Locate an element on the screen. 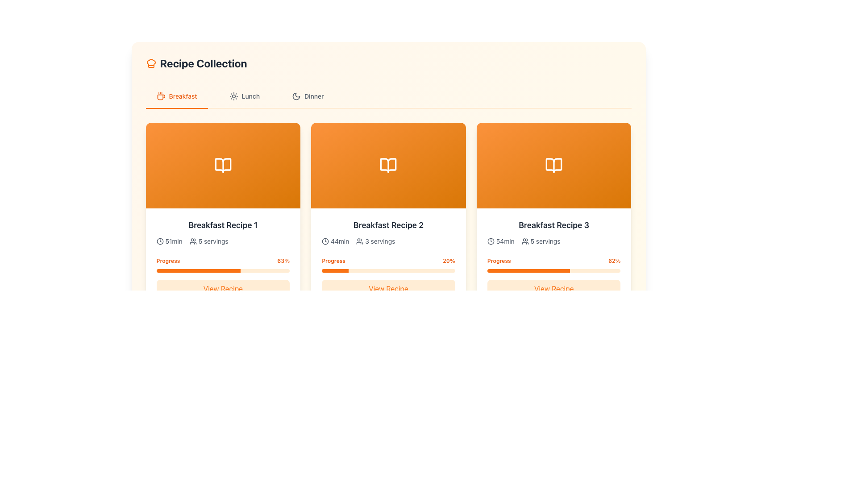  the left half of the open book icon in the orange header section of the 'Breakfast Recipe 1' card is located at coordinates (388, 165).